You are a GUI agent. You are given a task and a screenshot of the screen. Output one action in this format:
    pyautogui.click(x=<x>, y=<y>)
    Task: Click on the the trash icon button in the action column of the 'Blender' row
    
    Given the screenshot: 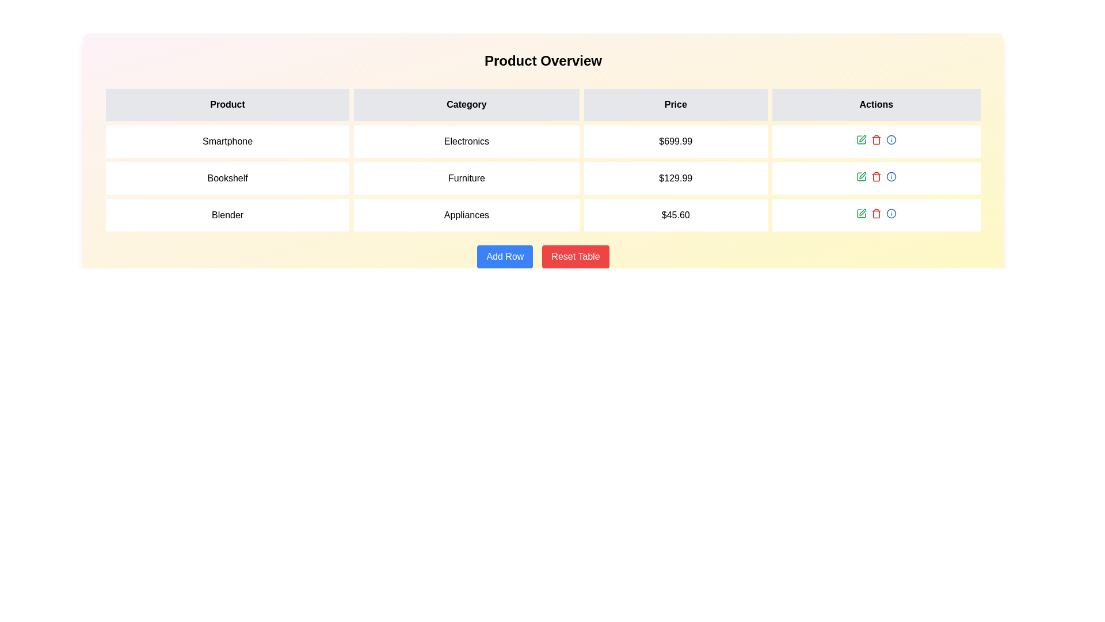 What is the action you would take?
    pyautogui.click(x=875, y=213)
    